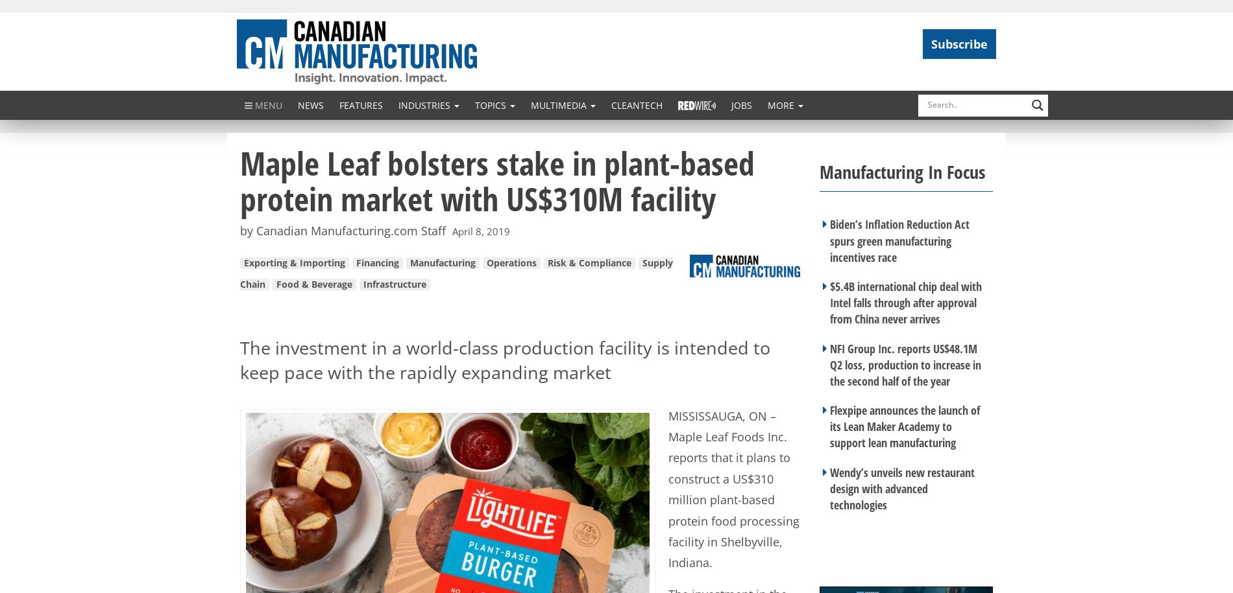 The height and width of the screenshot is (593, 1233). Describe the element at coordinates (443, 262) in the screenshot. I see `'Manufacturing'` at that location.